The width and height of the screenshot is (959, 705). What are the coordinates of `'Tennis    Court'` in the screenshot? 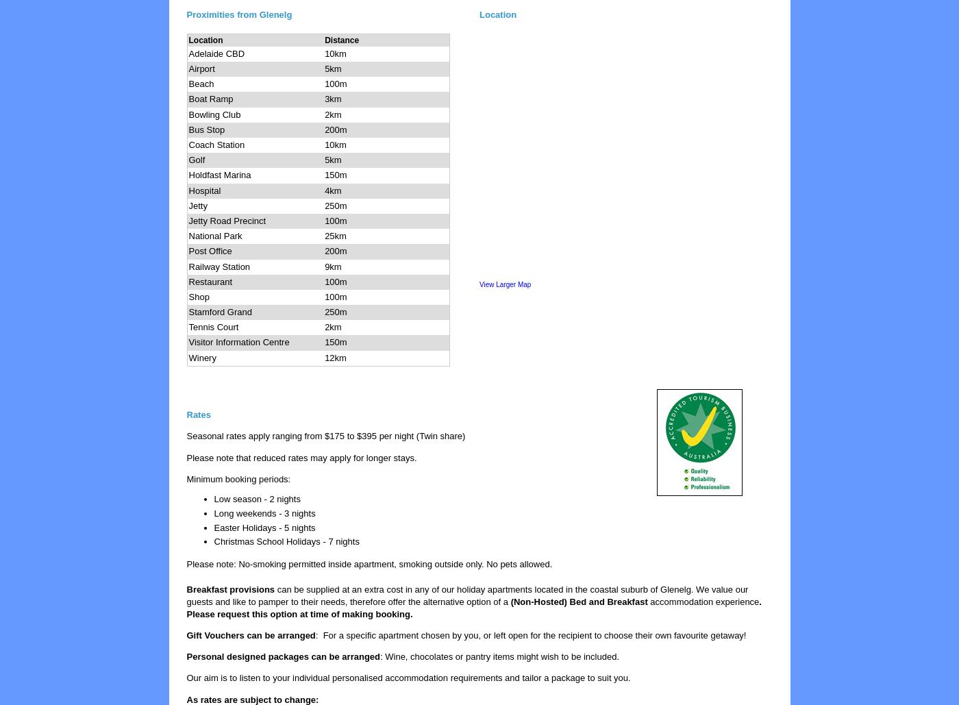 It's located at (213, 327).